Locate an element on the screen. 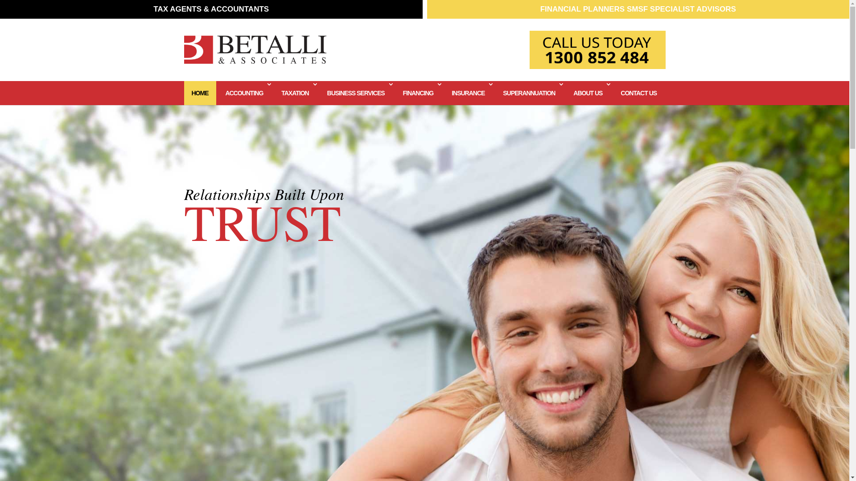 This screenshot has height=481, width=856. 'BUSINESS SERVICES' is located at coordinates (357, 93).